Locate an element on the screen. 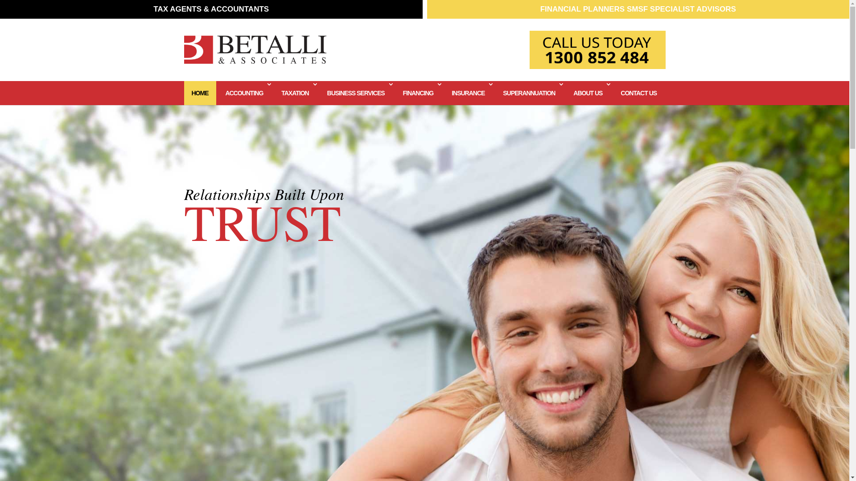 This screenshot has height=481, width=856. 'BUSINESS SERVICES' is located at coordinates (357, 93).